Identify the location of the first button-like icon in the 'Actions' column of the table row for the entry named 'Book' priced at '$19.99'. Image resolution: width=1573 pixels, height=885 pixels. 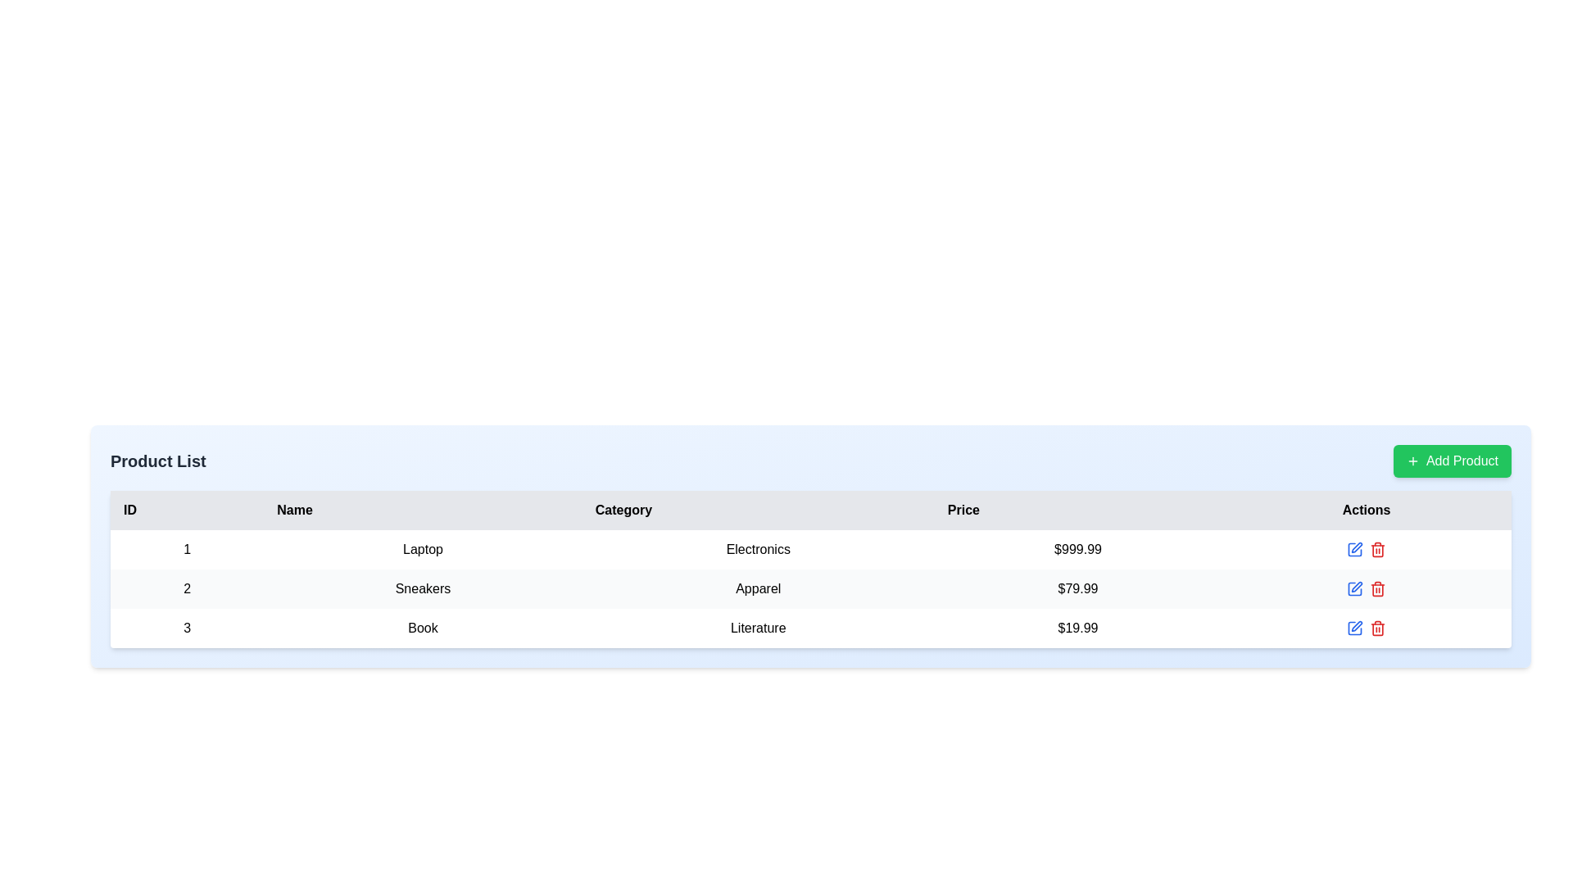
(1357, 626).